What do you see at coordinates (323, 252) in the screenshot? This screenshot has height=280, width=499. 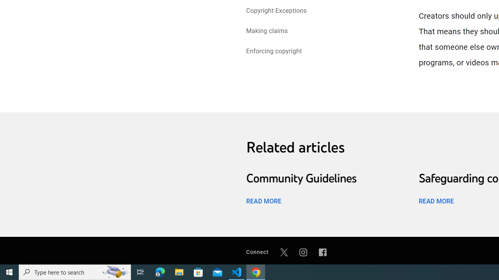 I see `'Facebook'` at bounding box center [323, 252].